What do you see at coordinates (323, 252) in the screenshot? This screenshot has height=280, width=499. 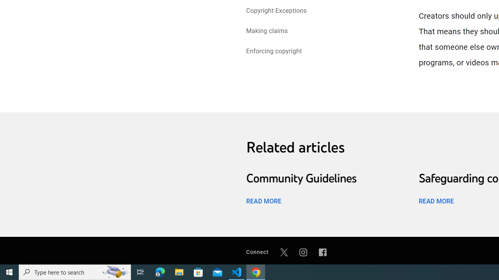 I see `'Facebook'` at bounding box center [323, 252].